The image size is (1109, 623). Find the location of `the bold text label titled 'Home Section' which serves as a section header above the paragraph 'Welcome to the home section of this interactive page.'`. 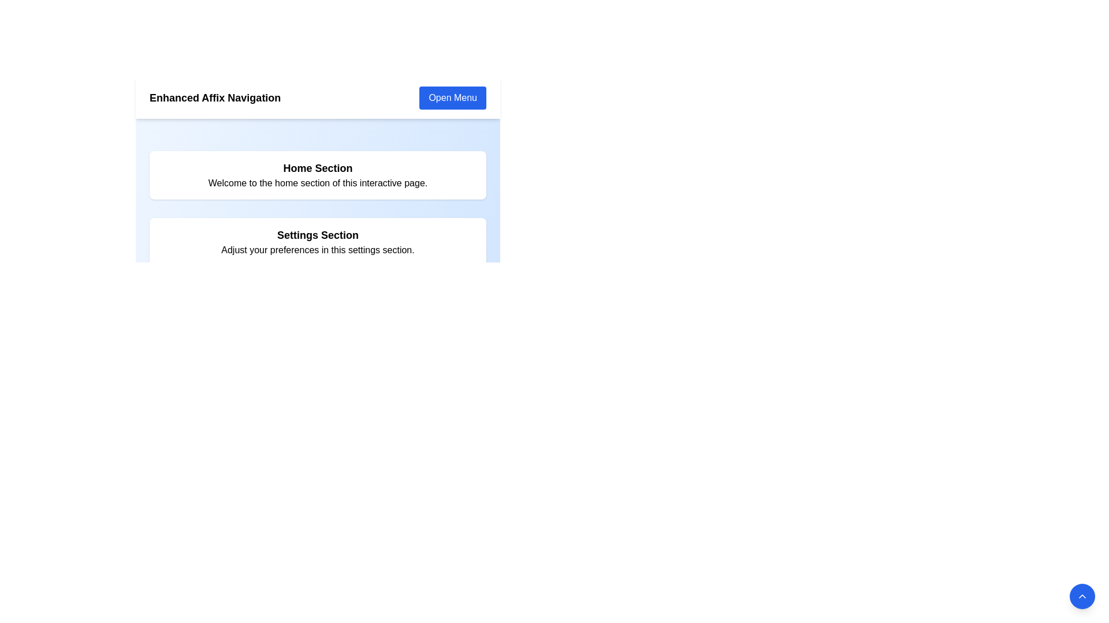

the bold text label titled 'Home Section' which serves as a section header above the paragraph 'Welcome to the home section of this interactive page.' is located at coordinates (318, 163).